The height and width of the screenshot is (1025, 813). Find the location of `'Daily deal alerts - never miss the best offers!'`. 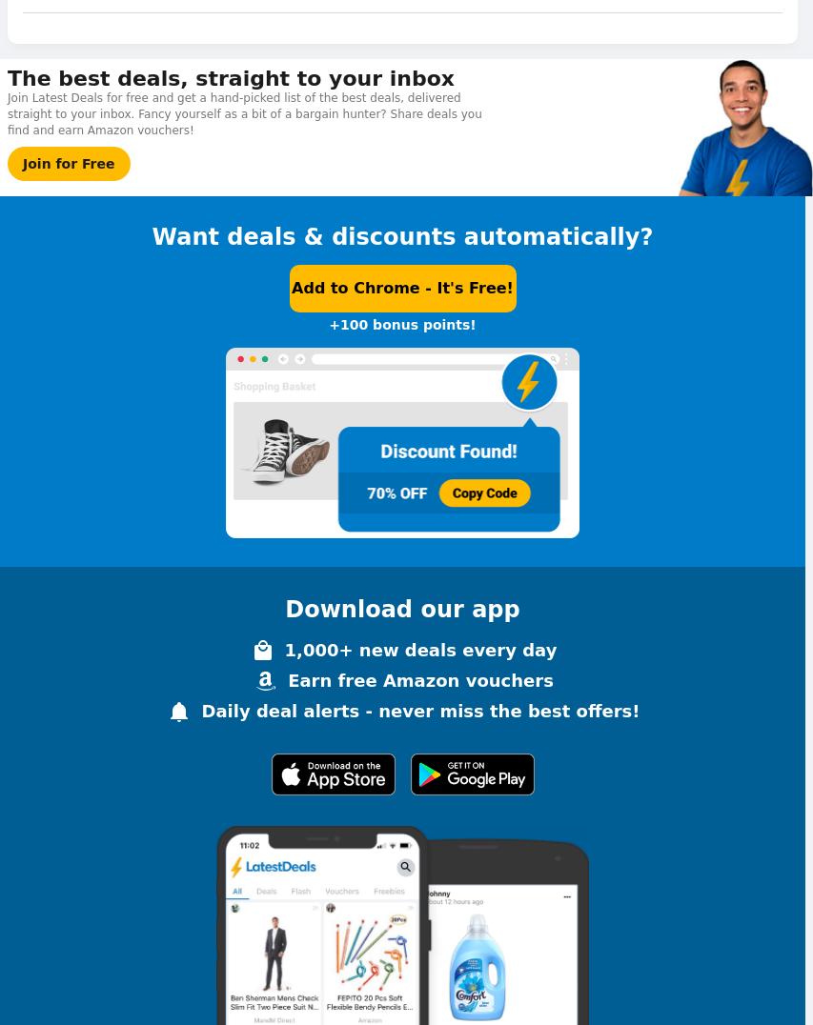

'Daily deal alerts - never miss the best offers!' is located at coordinates (420, 709).